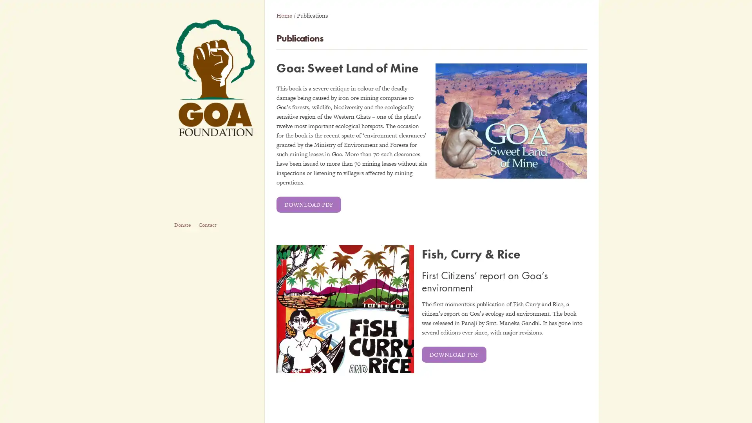 The width and height of the screenshot is (752, 423). Describe the element at coordinates (308, 204) in the screenshot. I see `DOWNLOAD PDF` at that location.